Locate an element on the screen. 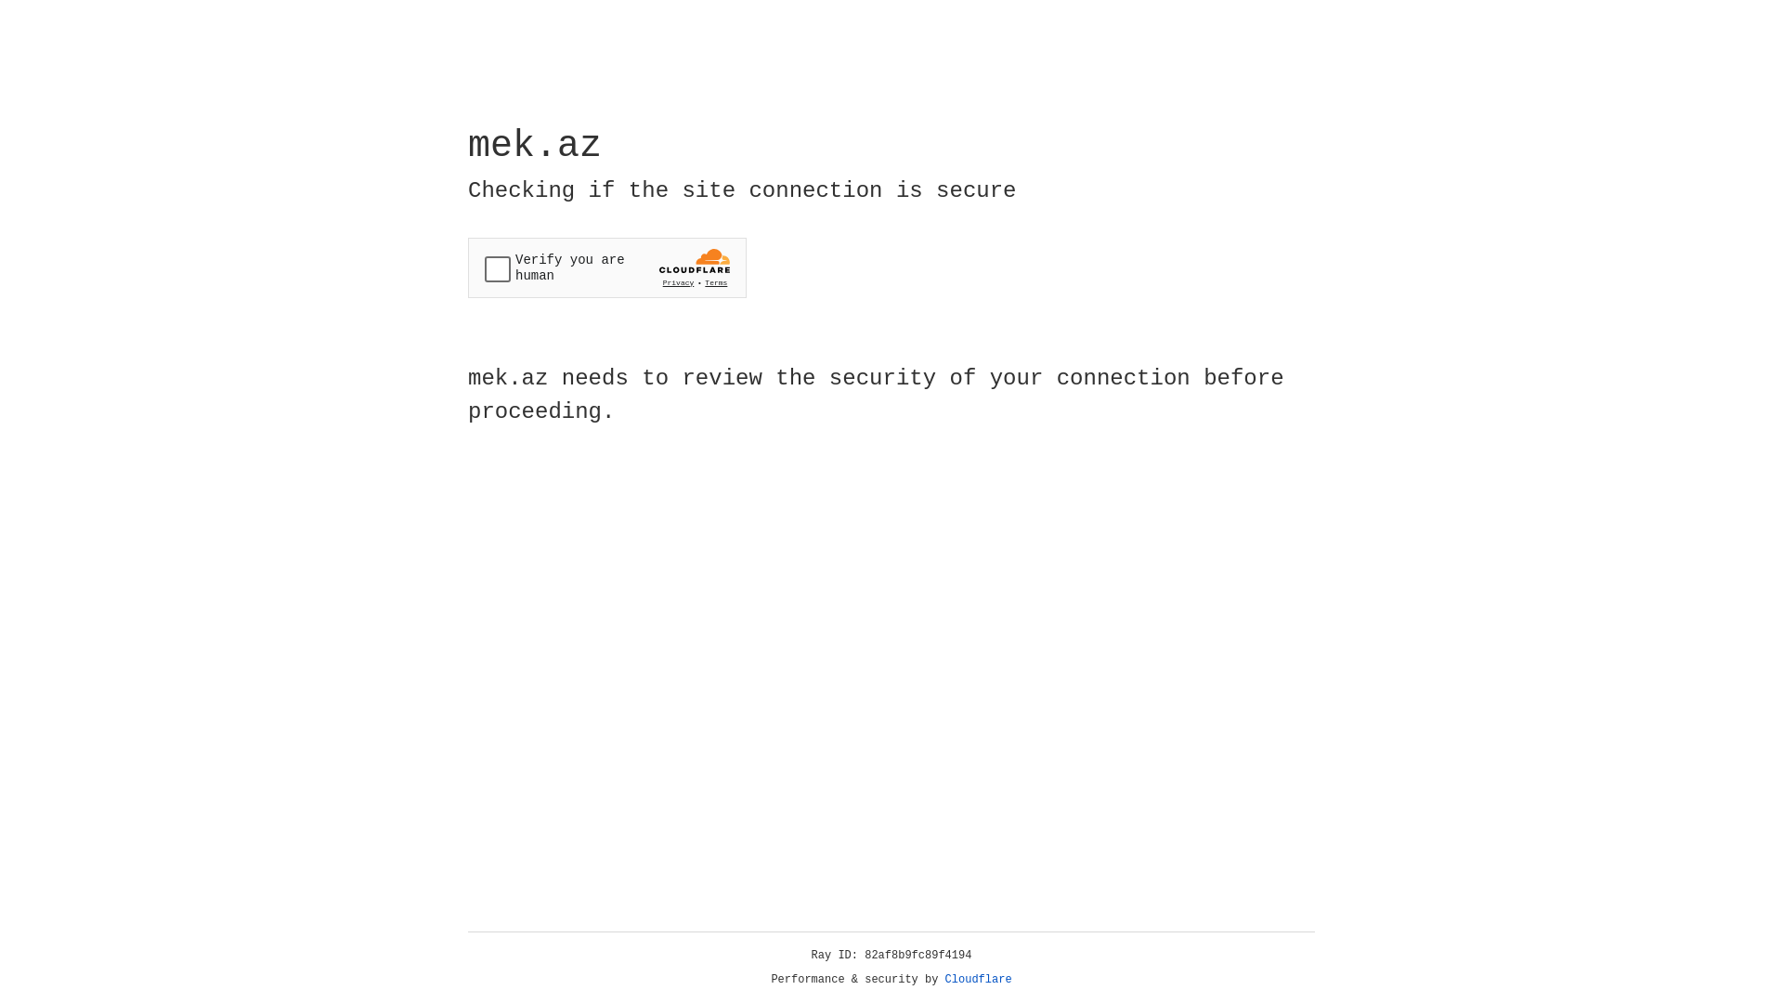 This screenshot has height=1003, width=1783. 'Widget containing a Cloudflare security challenge' is located at coordinates (606, 267).